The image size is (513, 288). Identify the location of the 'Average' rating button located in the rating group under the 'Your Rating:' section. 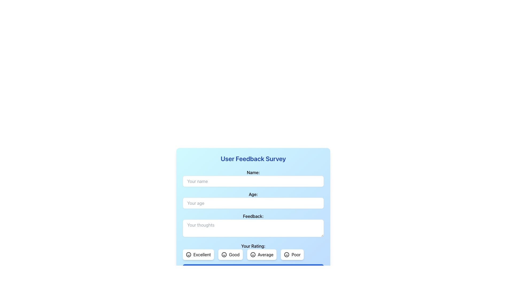
(253, 254).